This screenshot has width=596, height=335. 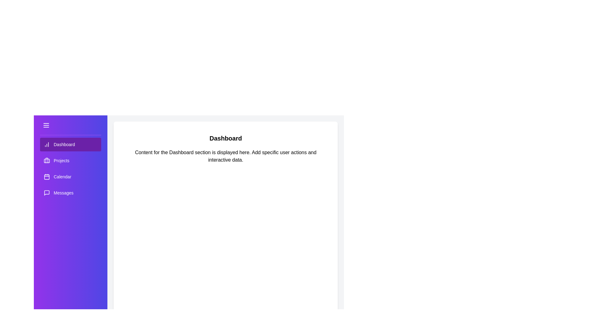 I want to click on the menu item Projects to highlight it, so click(x=70, y=160).